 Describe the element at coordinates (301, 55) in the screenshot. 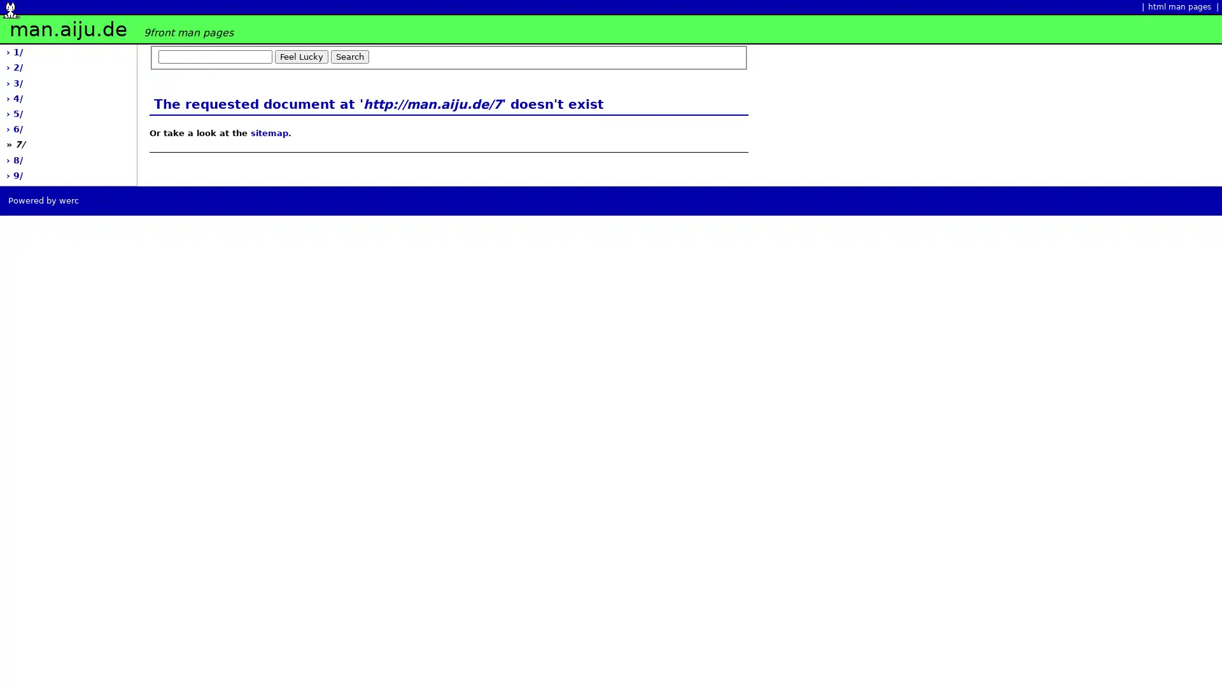

I see `Feel Lucky` at that location.